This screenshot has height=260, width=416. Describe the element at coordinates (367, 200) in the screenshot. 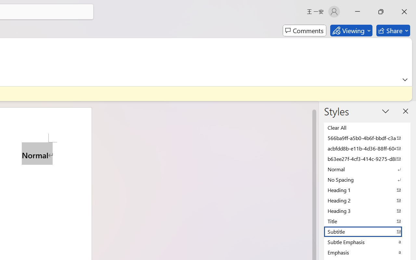

I see `'Heading 2'` at that location.